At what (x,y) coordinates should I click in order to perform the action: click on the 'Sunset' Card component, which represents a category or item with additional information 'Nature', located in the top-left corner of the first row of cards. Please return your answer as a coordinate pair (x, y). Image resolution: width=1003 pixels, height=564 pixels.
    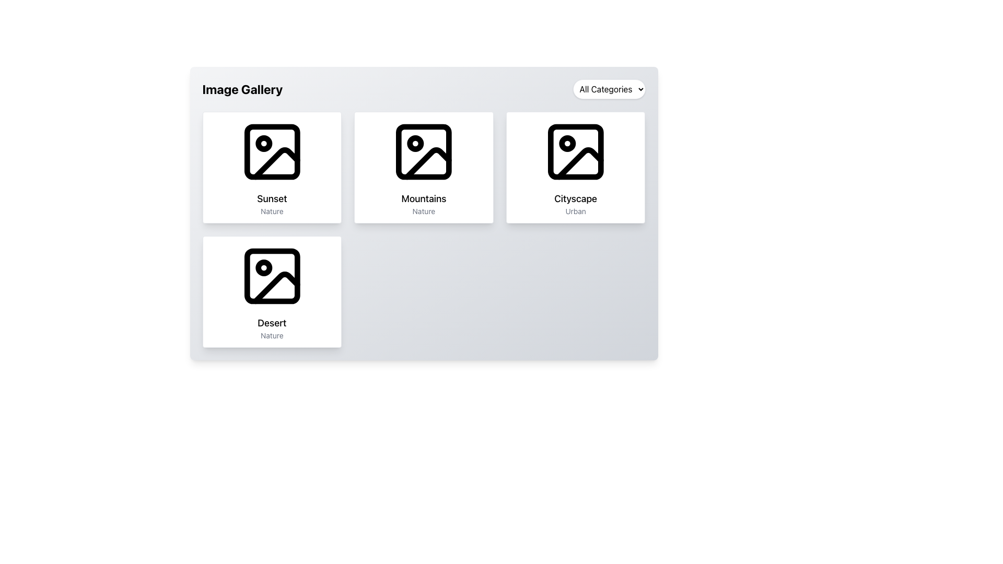
    Looking at the image, I should click on (272, 167).